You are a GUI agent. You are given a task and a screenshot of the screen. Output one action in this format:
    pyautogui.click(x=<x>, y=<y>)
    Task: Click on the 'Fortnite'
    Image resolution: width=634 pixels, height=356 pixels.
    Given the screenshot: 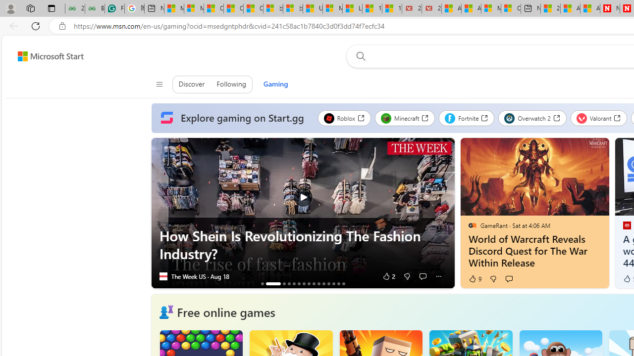 What is the action you would take?
    pyautogui.click(x=466, y=118)
    